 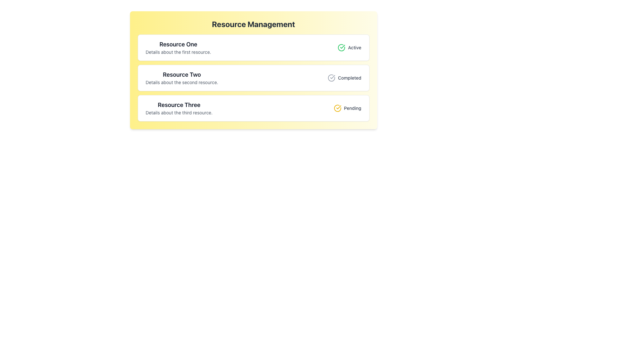 What do you see at coordinates (182, 74) in the screenshot?
I see `the title or name indicator for the second resource card, which is the central text heading in a vertically stacked list of resource cards` at bounding box center [182, 74].